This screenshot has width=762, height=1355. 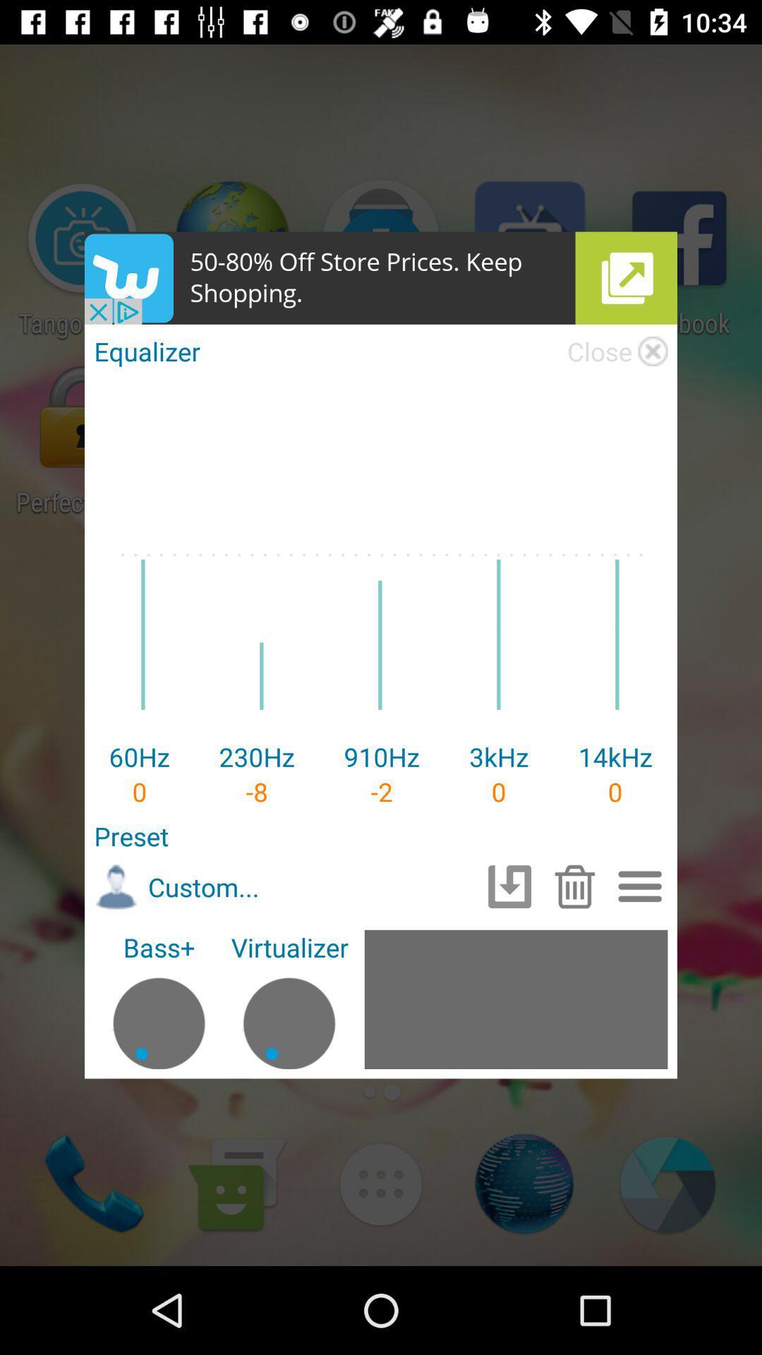 I want to click on the reset icon on left side of empty icon, so click(x=509, y=886).